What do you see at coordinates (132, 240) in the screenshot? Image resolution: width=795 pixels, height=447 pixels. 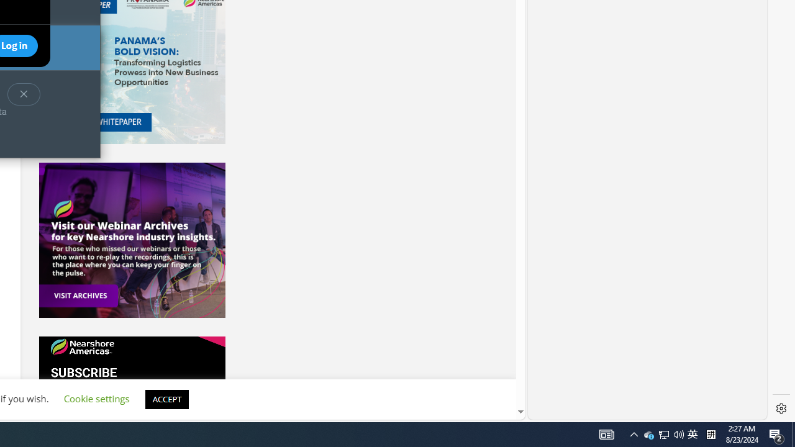 I see `'Events-Banner-Ad.jpg'` at bounding box center [132, 240].